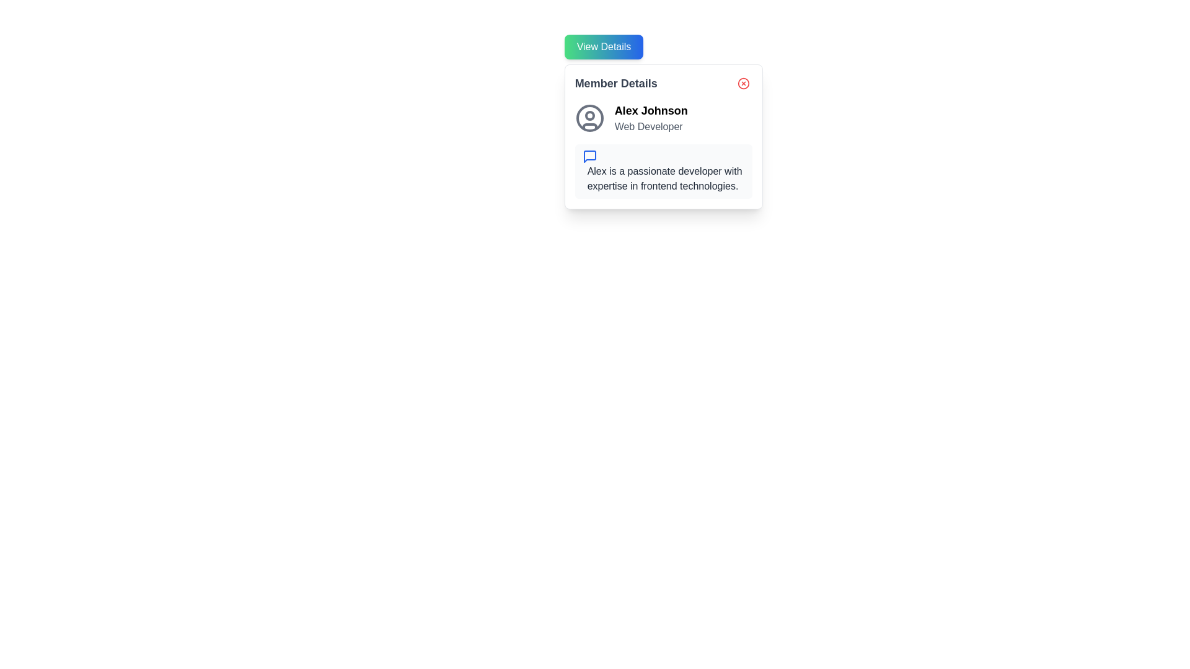 The image size is (1190, 669). I want to click on the decorative collar element of the circular user avatar icon in the 'Member Details' card, located near the bottom section below the smaller circular sub-section, so click(589, 126).